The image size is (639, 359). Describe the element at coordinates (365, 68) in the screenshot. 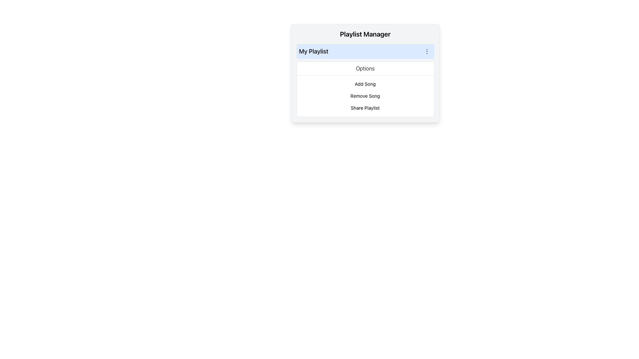

I see `the Text Label that serves as a header for the options menu, located above the list items including 'Add Song', 'Remove Song', and 'Share Playlist'` at that location.